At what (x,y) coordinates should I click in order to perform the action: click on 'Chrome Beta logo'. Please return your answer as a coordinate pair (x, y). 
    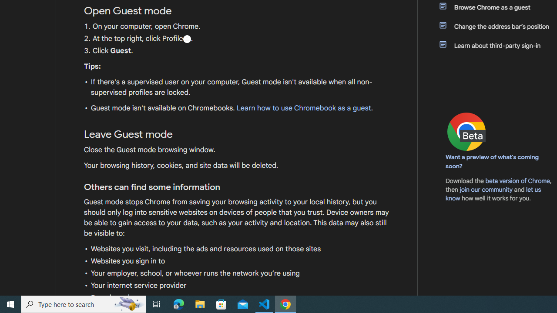
    Looking at the image, I should click on (466, 132).